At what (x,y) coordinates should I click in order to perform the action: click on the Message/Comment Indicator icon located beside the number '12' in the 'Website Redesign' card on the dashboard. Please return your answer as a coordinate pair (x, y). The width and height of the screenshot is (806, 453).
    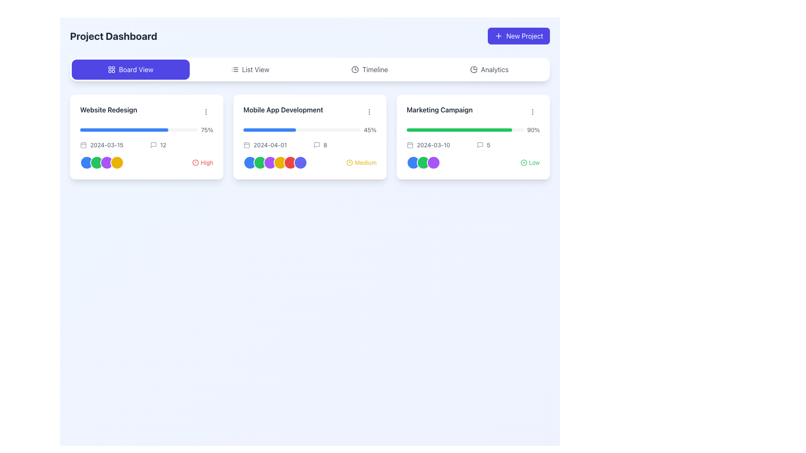
    Looking at the image, I should click on (153, 145).